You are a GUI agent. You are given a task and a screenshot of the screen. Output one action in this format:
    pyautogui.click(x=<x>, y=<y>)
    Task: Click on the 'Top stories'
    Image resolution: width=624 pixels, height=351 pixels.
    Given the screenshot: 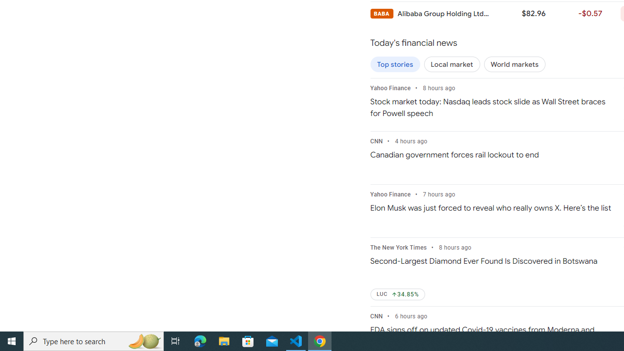 What is the action you would take?
    pyautogui.click(x=395, y=64)
    